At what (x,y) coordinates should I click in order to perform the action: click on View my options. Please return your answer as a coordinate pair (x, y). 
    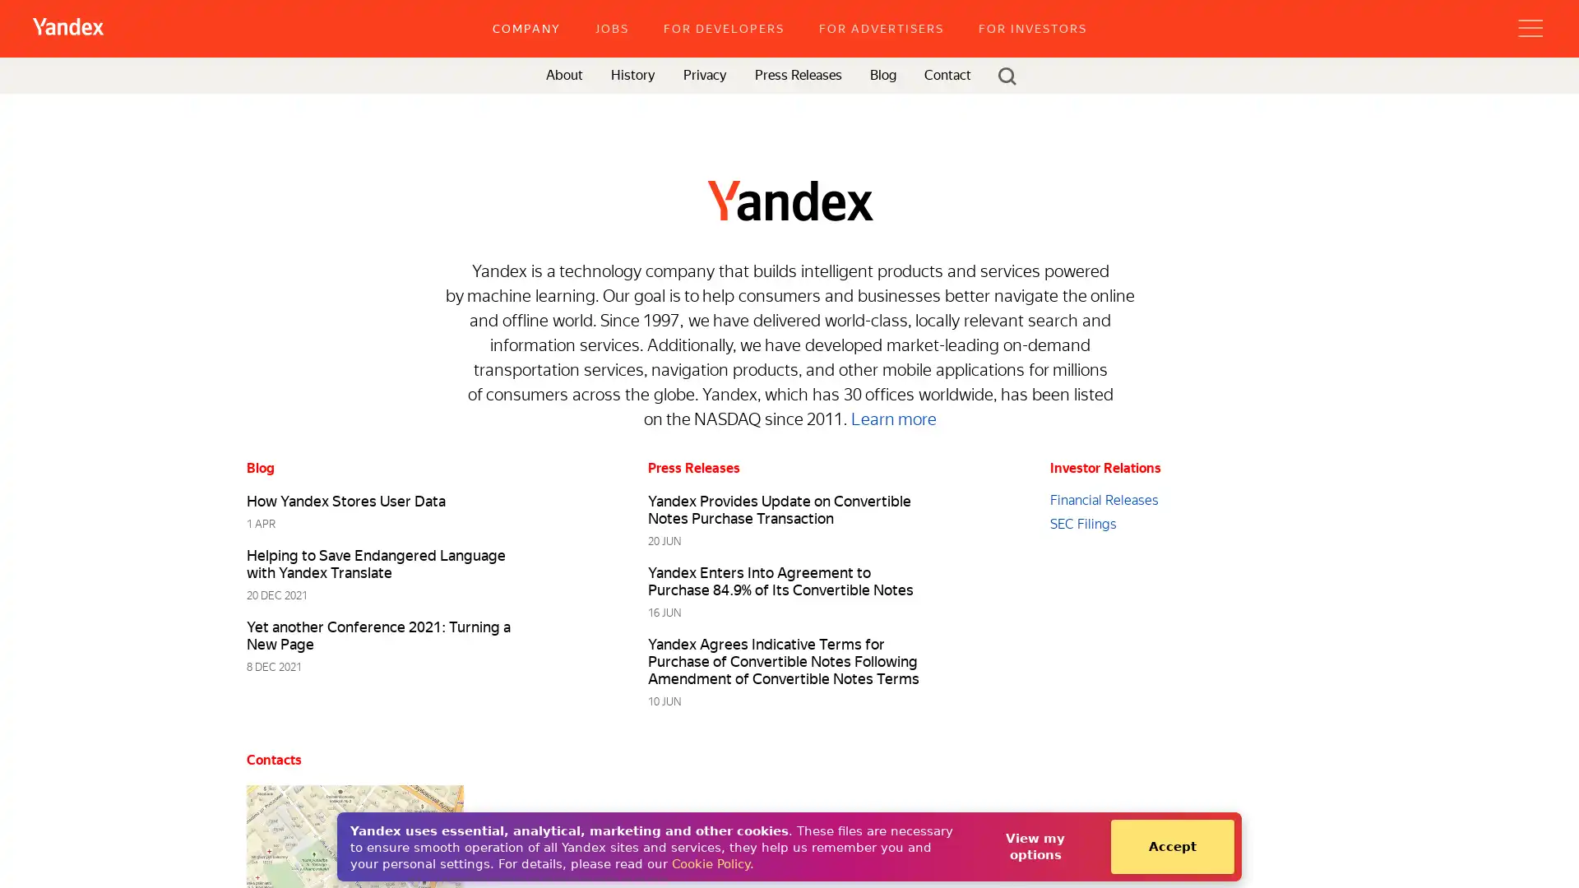
    Looking at the image, I should click on (1034, 846).